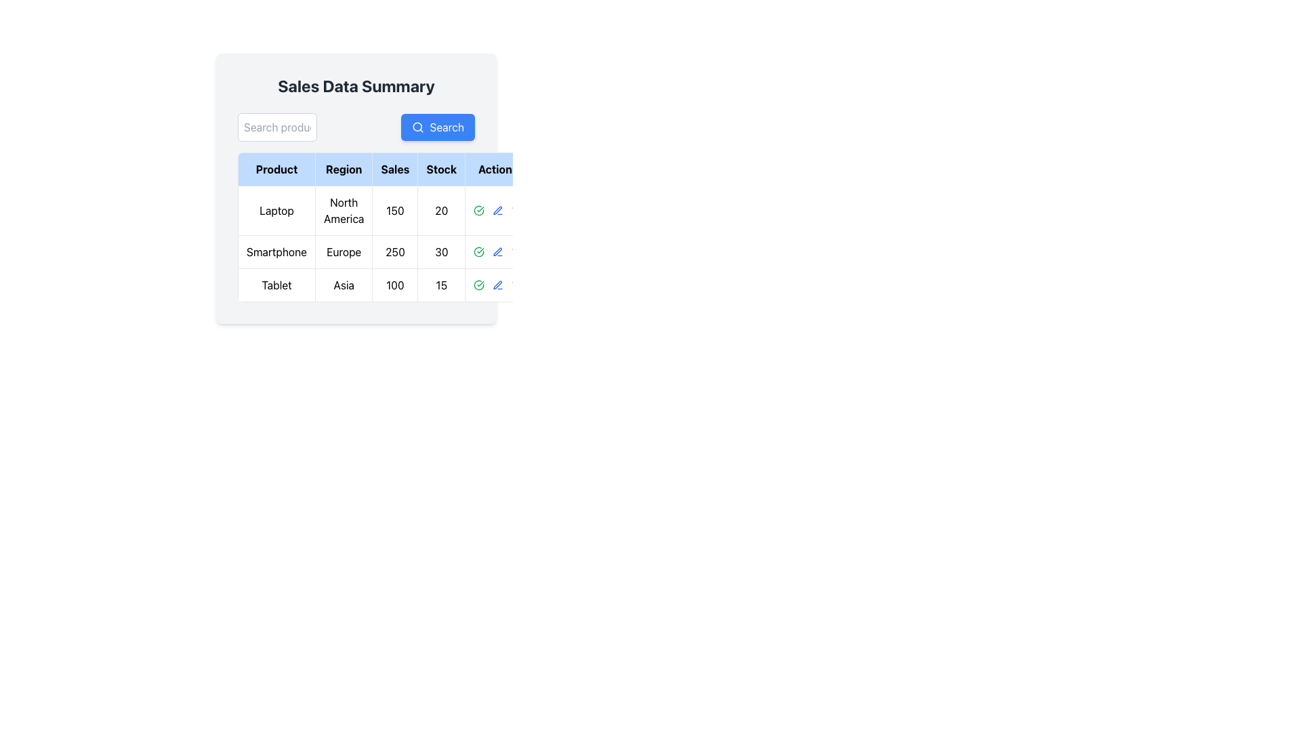 This screenshot has height=732, width=1301. Describe the element at coordinates (479, 211) in the screenshot. I see `the confirmation icon button located in the second row of the 'Action' column beside the blue pencil icon, which corresponds to the 'Smartphone' entry in the 'Product' column to confirm or approve the row's data` at that location.